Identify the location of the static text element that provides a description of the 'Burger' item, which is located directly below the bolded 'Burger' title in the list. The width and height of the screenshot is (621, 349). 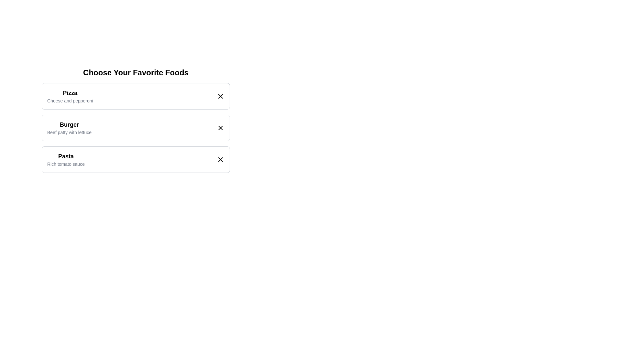
(69, 132).